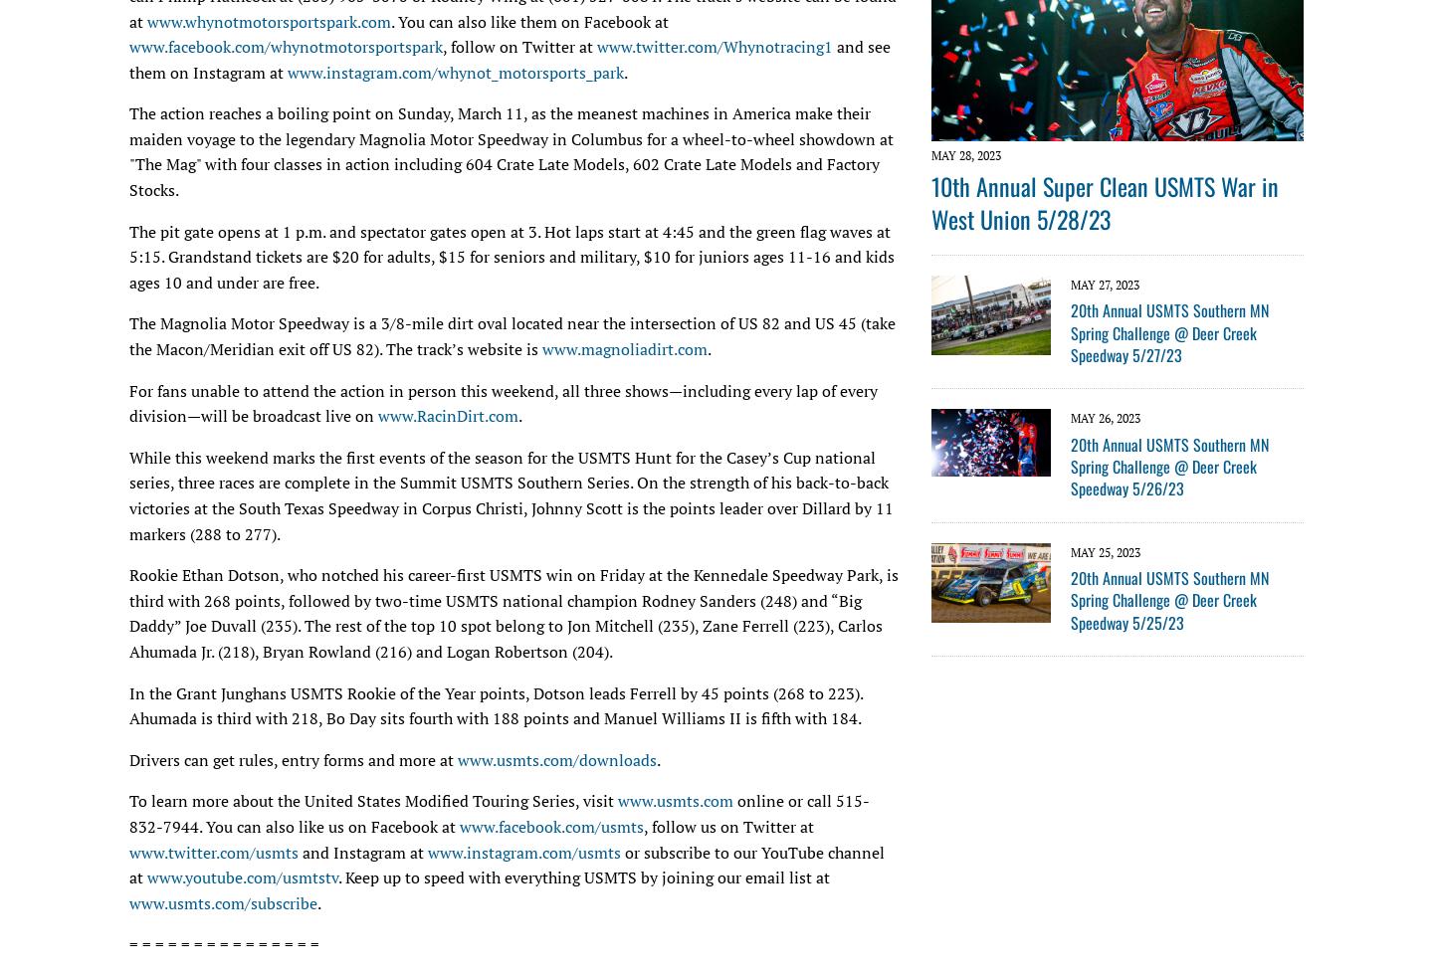 The width and height of the screenshot is (1433, 973). Describe the element at coordinates (528, 21) in the screenshot. I see `'. You can also like them on Facebook at'` at that location.